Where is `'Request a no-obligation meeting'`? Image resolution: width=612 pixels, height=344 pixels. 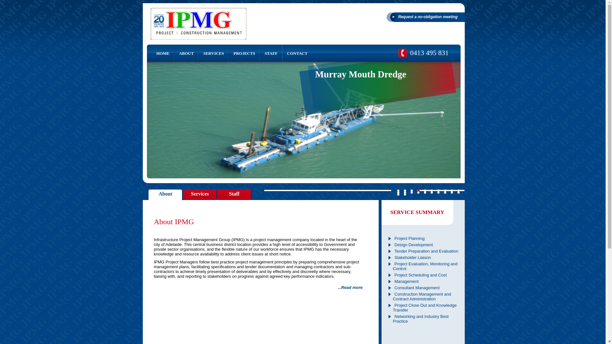 'Request a no-obligation meeting' is located at coordinates (425, 17).